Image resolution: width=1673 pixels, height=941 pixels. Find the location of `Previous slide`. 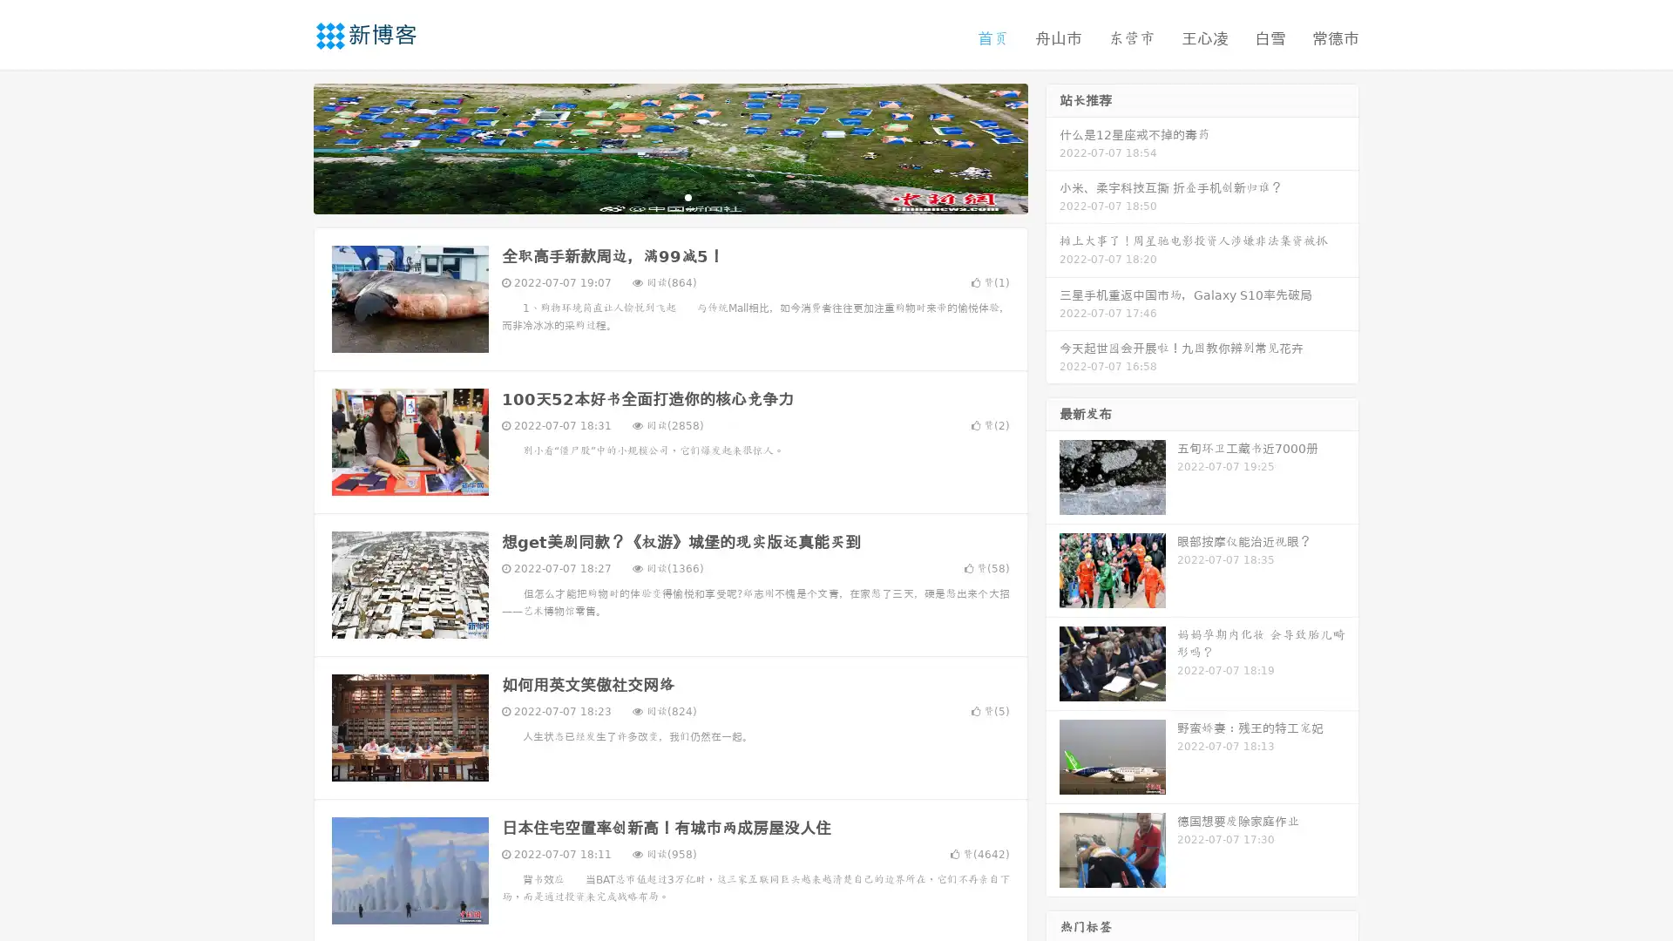

Previous slide is located at coordinates (288, 146).